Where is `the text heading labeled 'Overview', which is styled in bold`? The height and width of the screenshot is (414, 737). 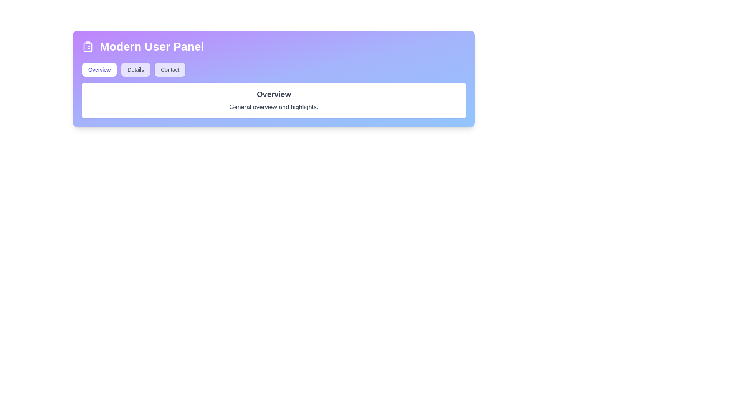 the text heading labeled 'Overview', which is styled in bold is located at coordinates (274, 94).